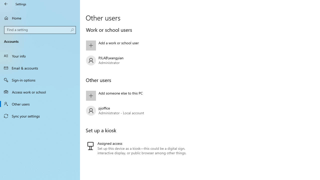 The image size is (320, 180). I want to click on 'Access work or school', so click(40, 92).